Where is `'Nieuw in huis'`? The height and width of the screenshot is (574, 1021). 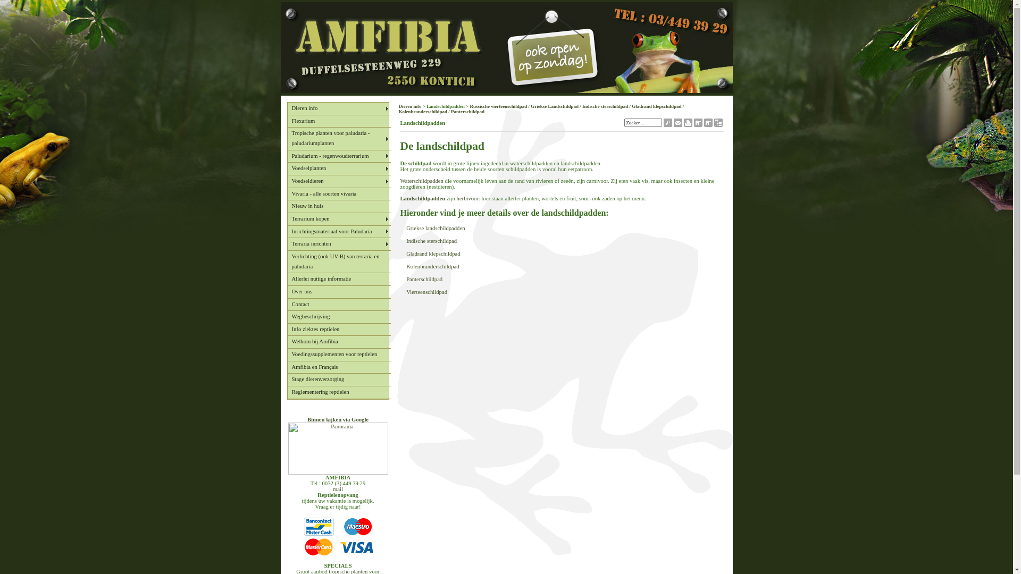
'Nieuw in huis' is located at coordinates (287, 207).